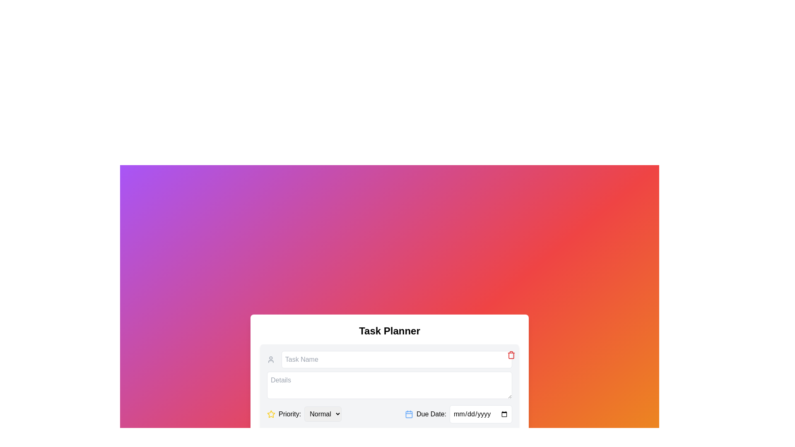 The width and height of the screenshot is (795, 447). What do you see at coordinates (458, 414) in the screenshot?
I see `the Date input field labeled 'Due Date:'` at bounding box center [458, 414].